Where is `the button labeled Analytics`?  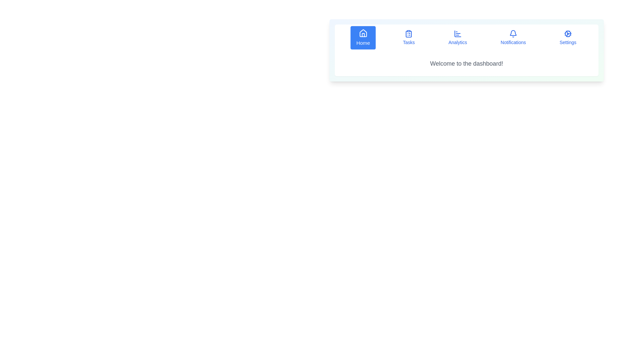 the button labeled Analytics is located at coordinates (457, 38).